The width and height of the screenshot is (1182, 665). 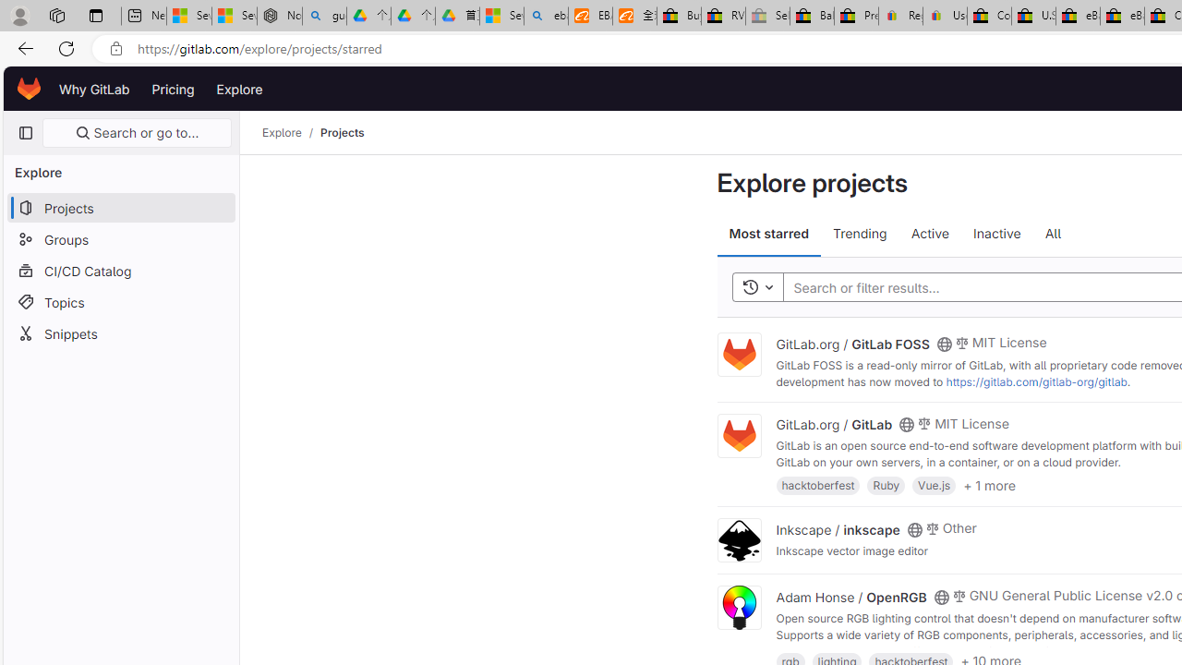 What do you see at coordinates (723, 16) in the screenshot?
I see `'RV, Trailer & Camper Steps & Ladders for sale | eBay'` at bounding box center [723, 16].